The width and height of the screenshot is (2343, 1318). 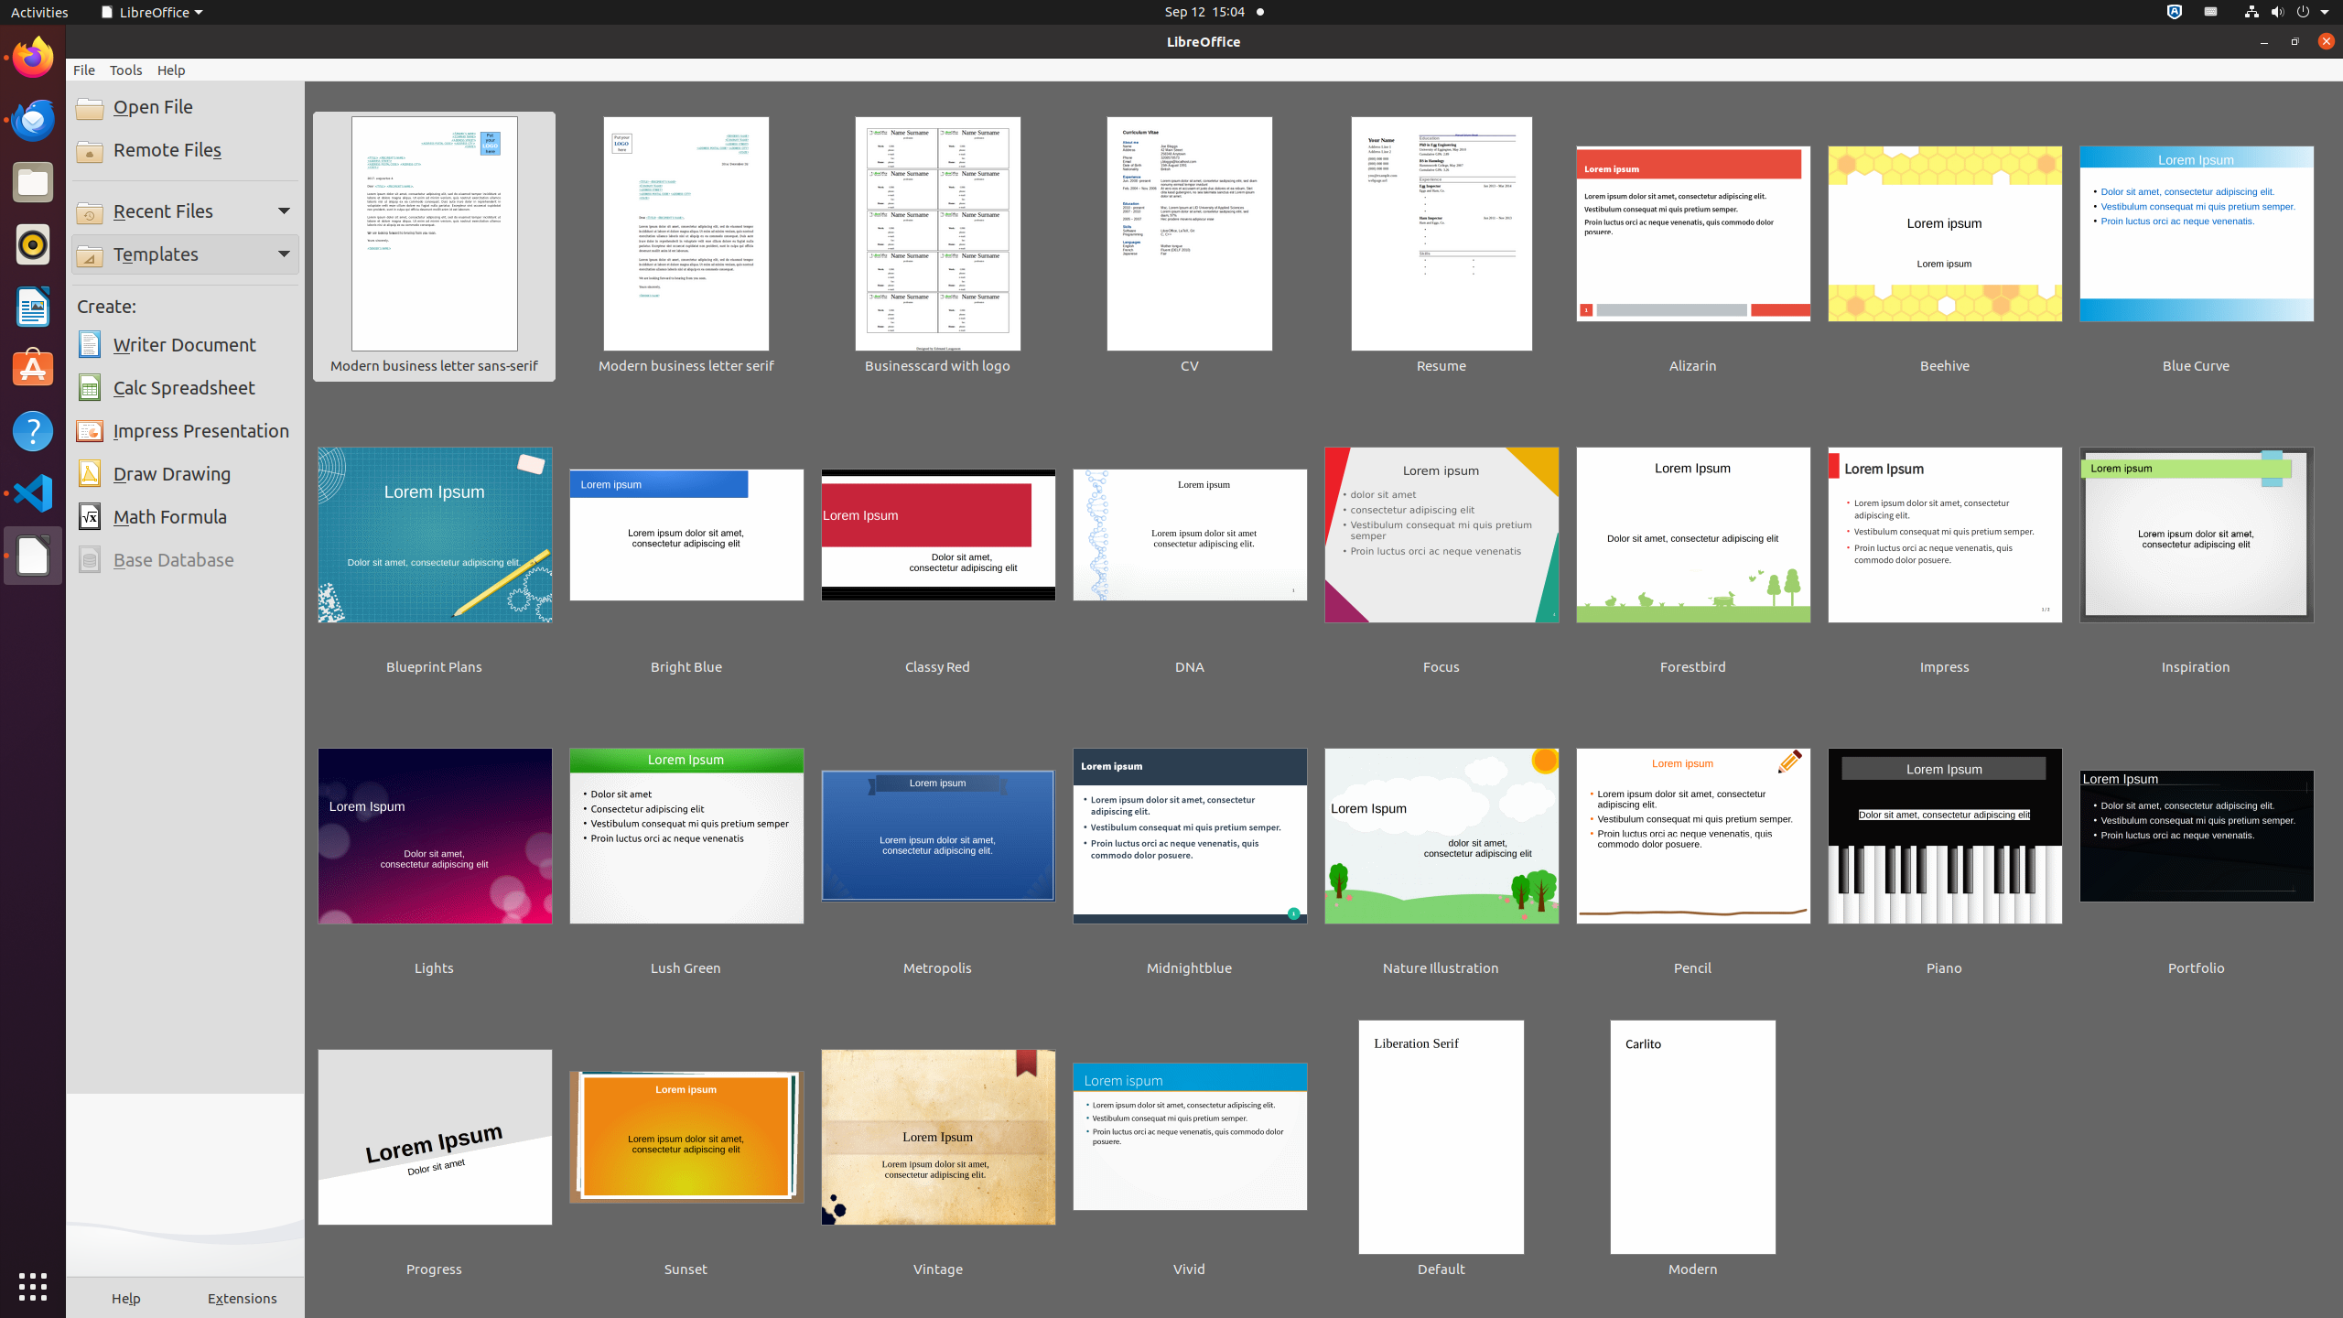 I want to click on 'Vivid', so click(x=1189, y=1150).